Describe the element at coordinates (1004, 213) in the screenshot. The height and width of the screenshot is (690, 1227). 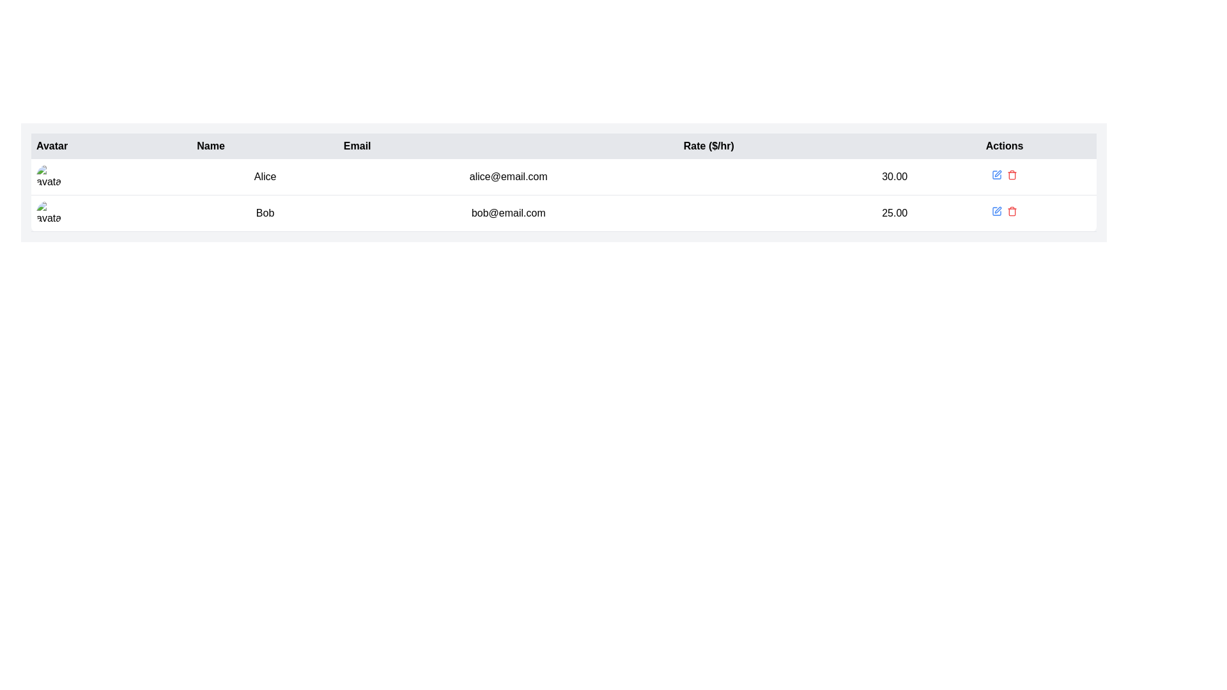
I see `the interactive icons in the Actions column of the second row in the table, which corresponds to the entry for 'Bob', for visual feedback` at that location.